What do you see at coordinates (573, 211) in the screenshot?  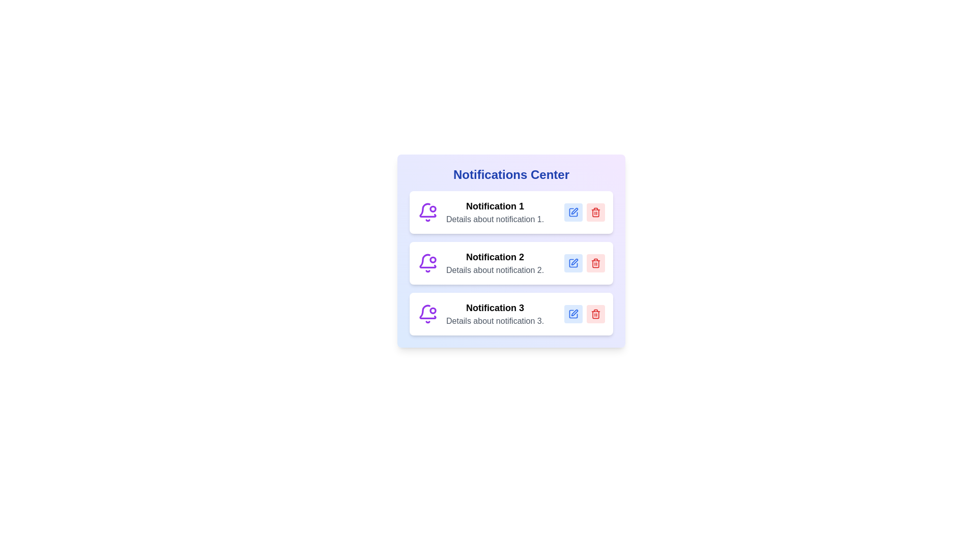 I see `the button with a light blue background and a darker blue pen icon, which is positioned to the right of the first notification item in the notifications list` at bounding box center [573, 211].